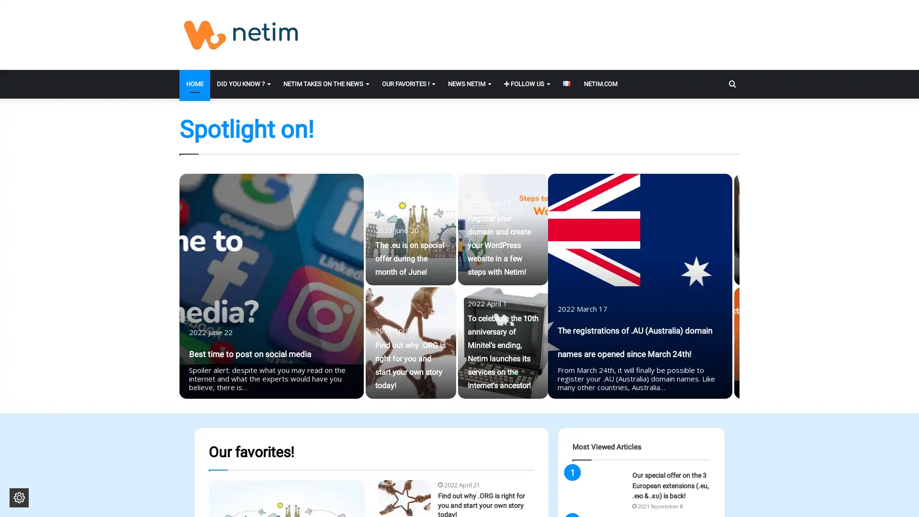 This screenshot has width=919, height=517. Describe the element at coordinates (19, 497) in the screenshot. I see `Change cookie settings` at that location.